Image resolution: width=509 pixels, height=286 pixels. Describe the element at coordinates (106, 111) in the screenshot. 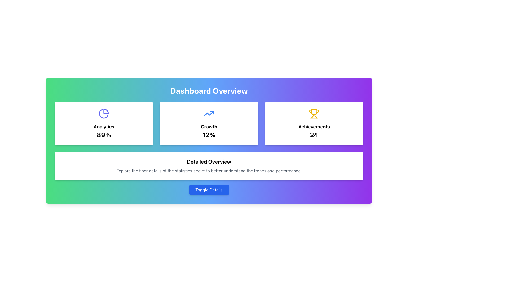

I see `the inner right quarter segment of the pie chart icon in the 'Analytics' card located in the top-left corner of the interface` at that location.